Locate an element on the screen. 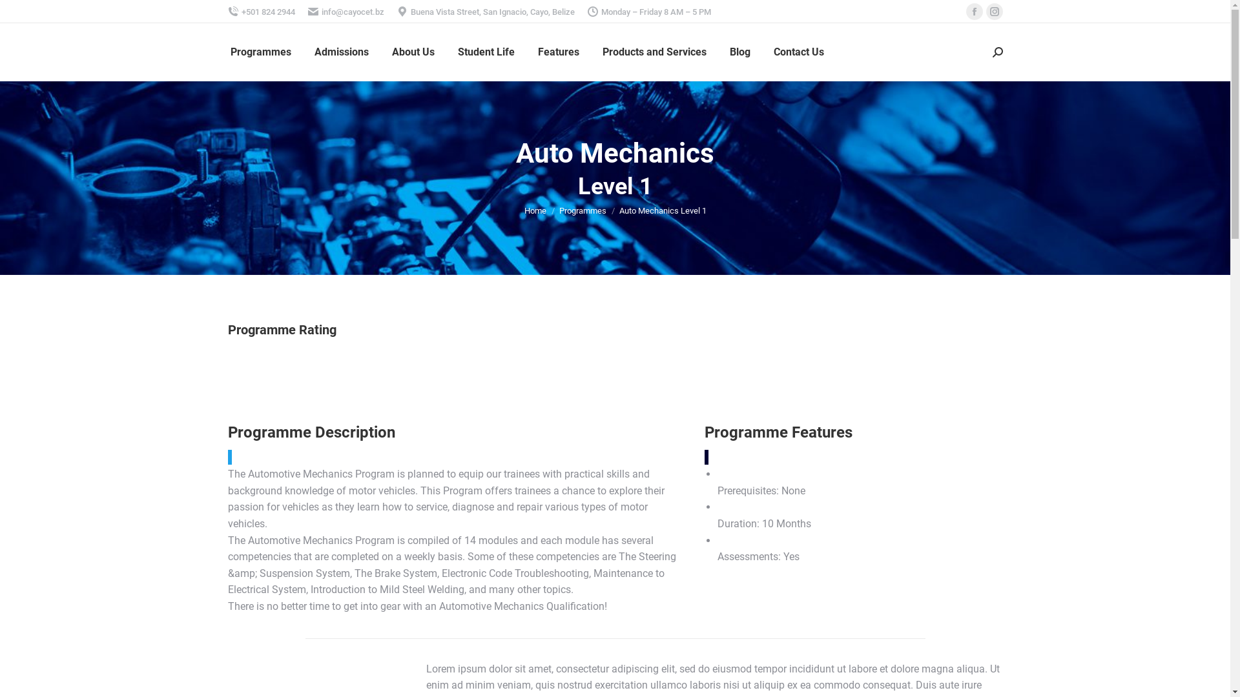  'Admissions' is located at coordinates (341, 52).